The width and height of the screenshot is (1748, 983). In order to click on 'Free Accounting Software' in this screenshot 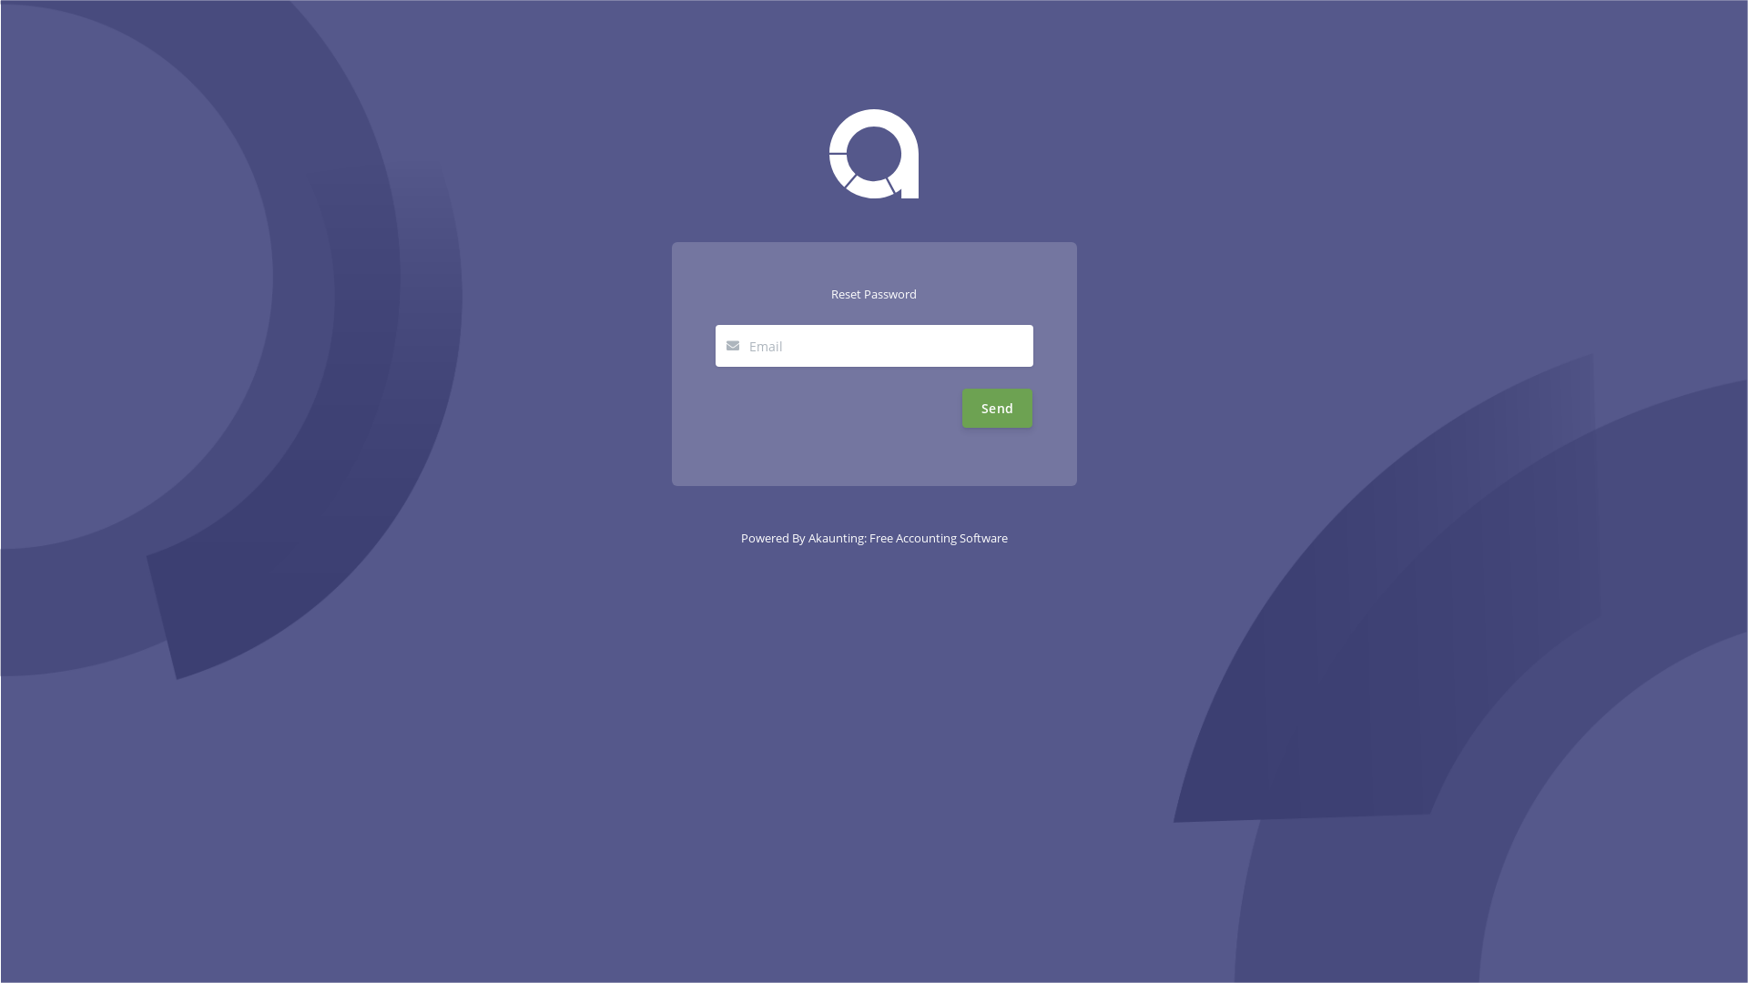, I will do `click(938, 536)`.